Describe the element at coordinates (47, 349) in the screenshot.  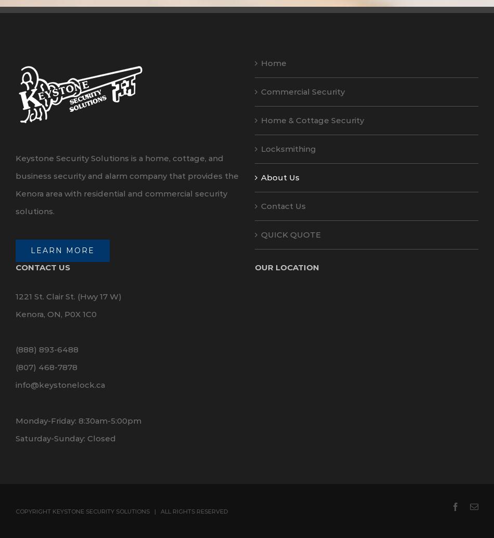
I see `'(888) 893-6488'` at that location.